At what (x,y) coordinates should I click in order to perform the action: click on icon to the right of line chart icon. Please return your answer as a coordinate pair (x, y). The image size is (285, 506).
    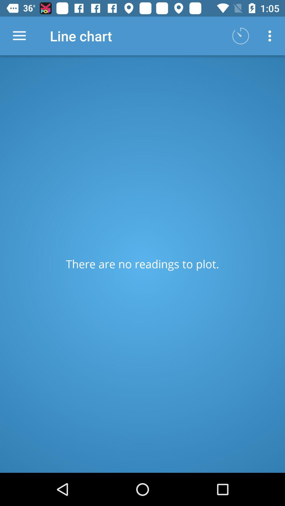
    Looking at the image, I should click on (240, 36).